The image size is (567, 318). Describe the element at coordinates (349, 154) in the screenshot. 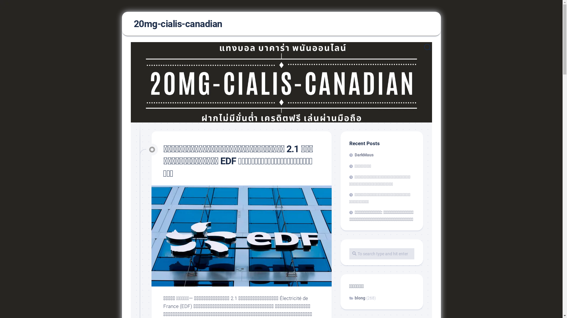

I see `'DarkMaus'` at that location.